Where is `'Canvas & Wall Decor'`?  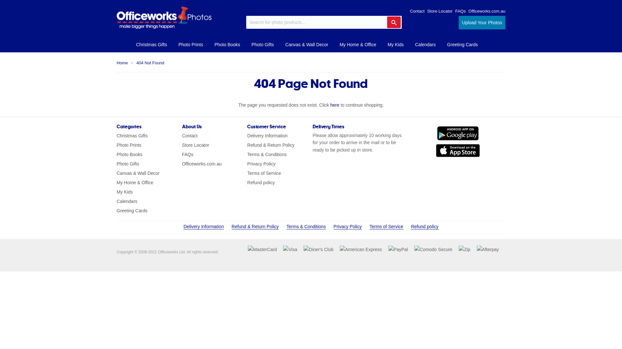
'Canvas & Wall Decor' is located at coordinates (282, 44).